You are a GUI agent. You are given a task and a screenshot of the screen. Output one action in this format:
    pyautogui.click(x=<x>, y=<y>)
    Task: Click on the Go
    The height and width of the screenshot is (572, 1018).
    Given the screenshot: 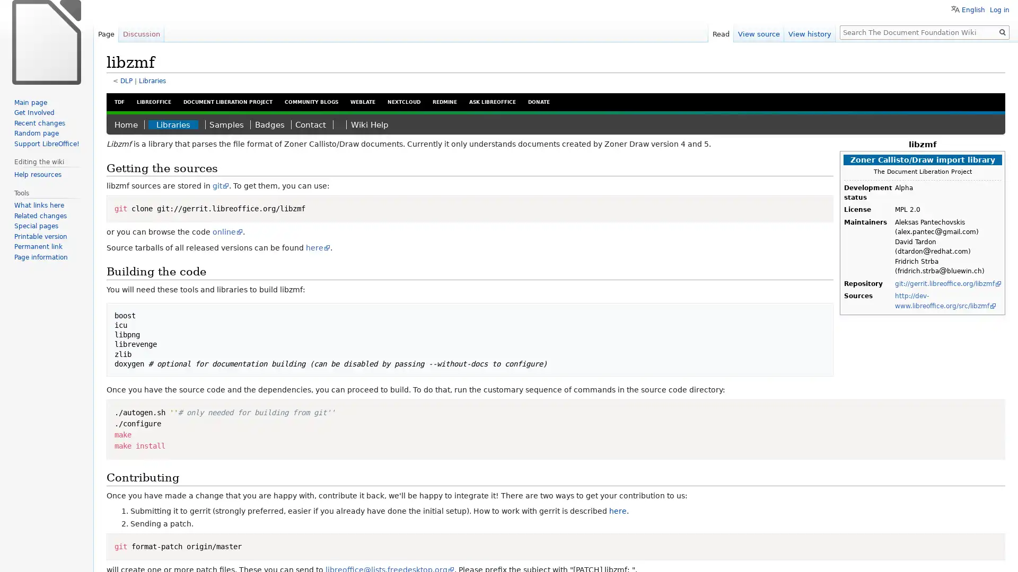 What is the action you would take?
    pyautogui.click(x=1002, y=32)
    